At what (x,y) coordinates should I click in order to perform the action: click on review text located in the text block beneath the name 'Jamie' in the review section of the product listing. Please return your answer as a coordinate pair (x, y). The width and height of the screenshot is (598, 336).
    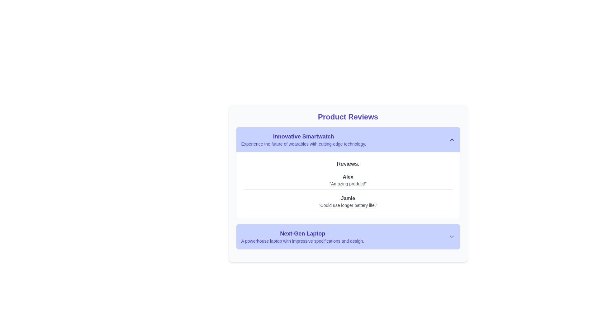
    Looking at the image, I should click on (348, 205).